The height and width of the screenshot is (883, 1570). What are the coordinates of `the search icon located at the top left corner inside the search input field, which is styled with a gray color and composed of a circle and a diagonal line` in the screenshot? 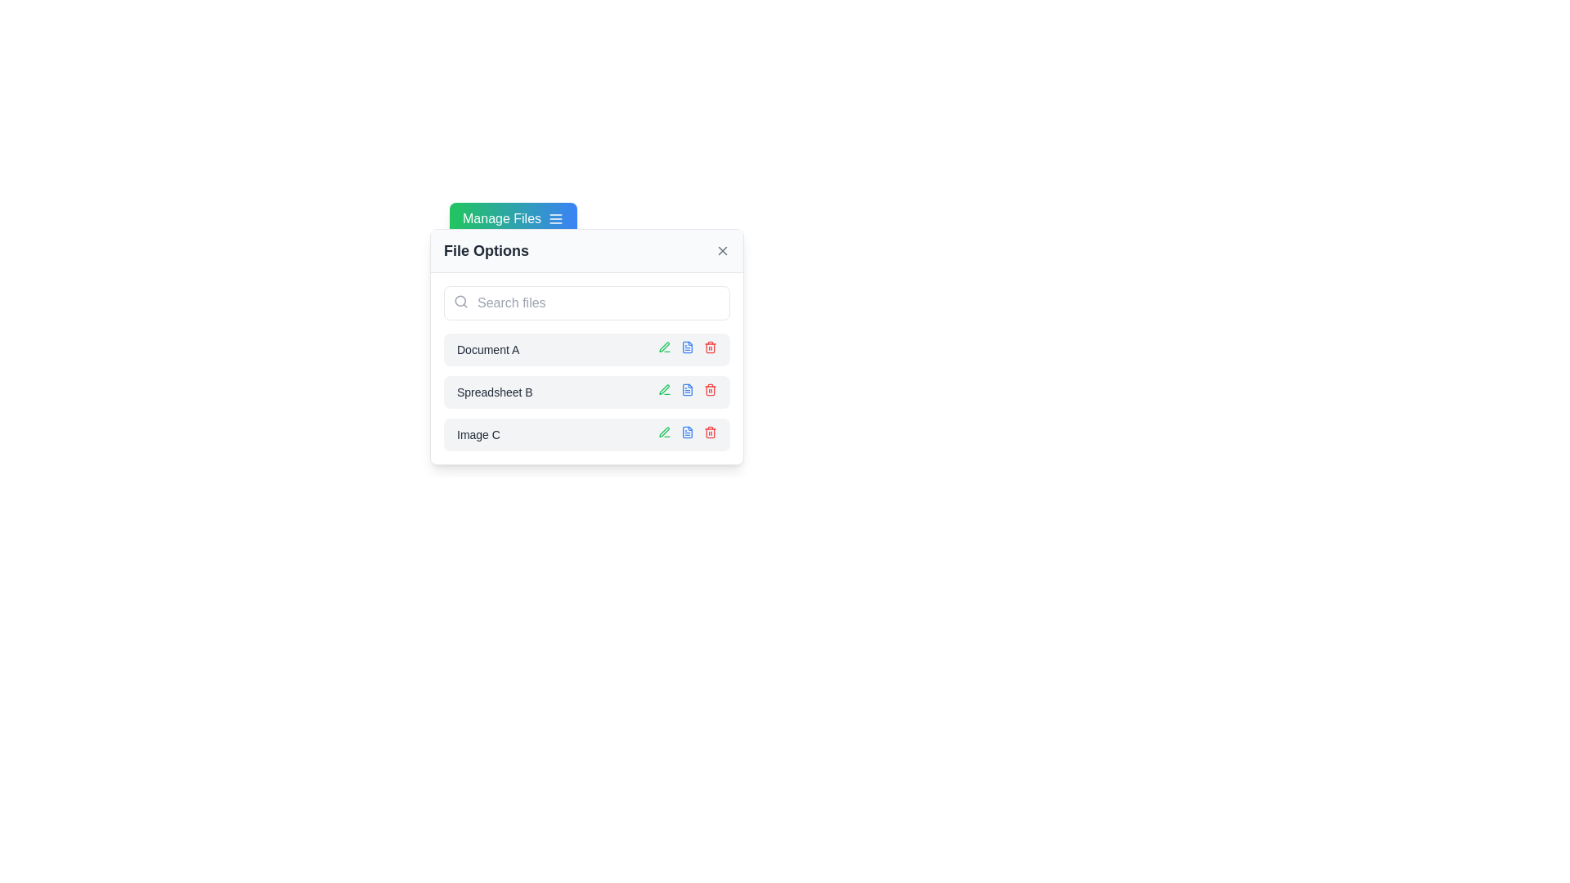 It's located at (460, 302).